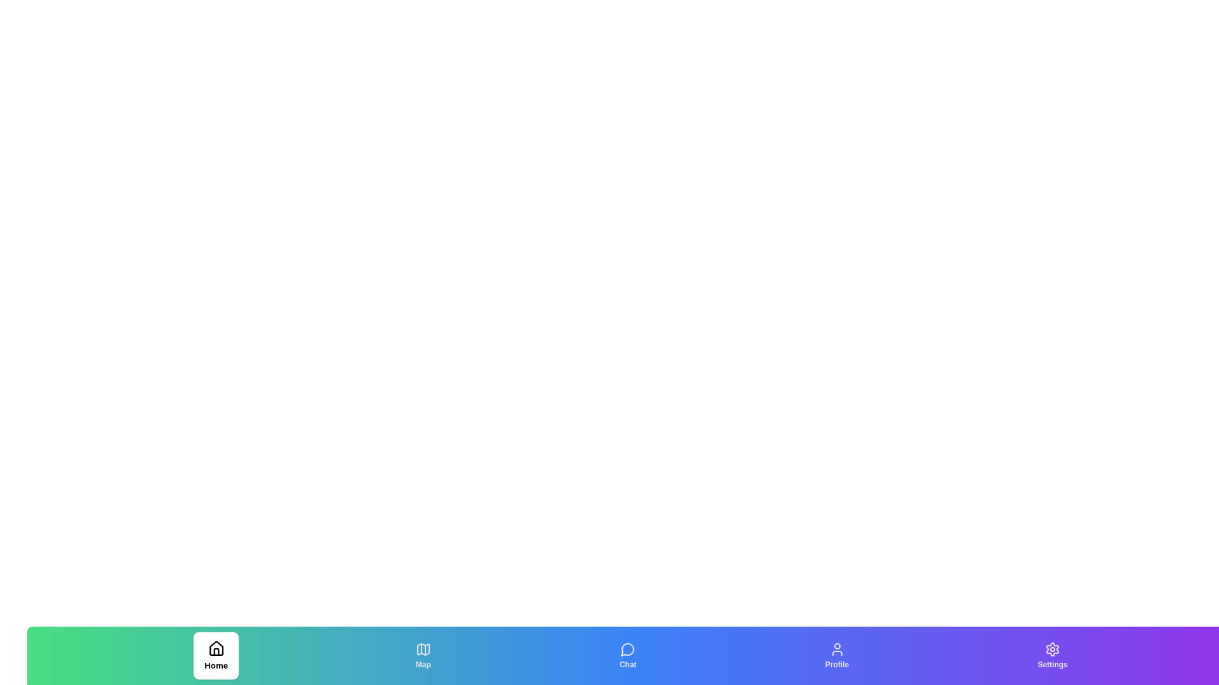  What do you see at coordinates (423, 655) in the screenshot?
I see `the Map tab to observe the hover effect` at bounding box center [423, 655].